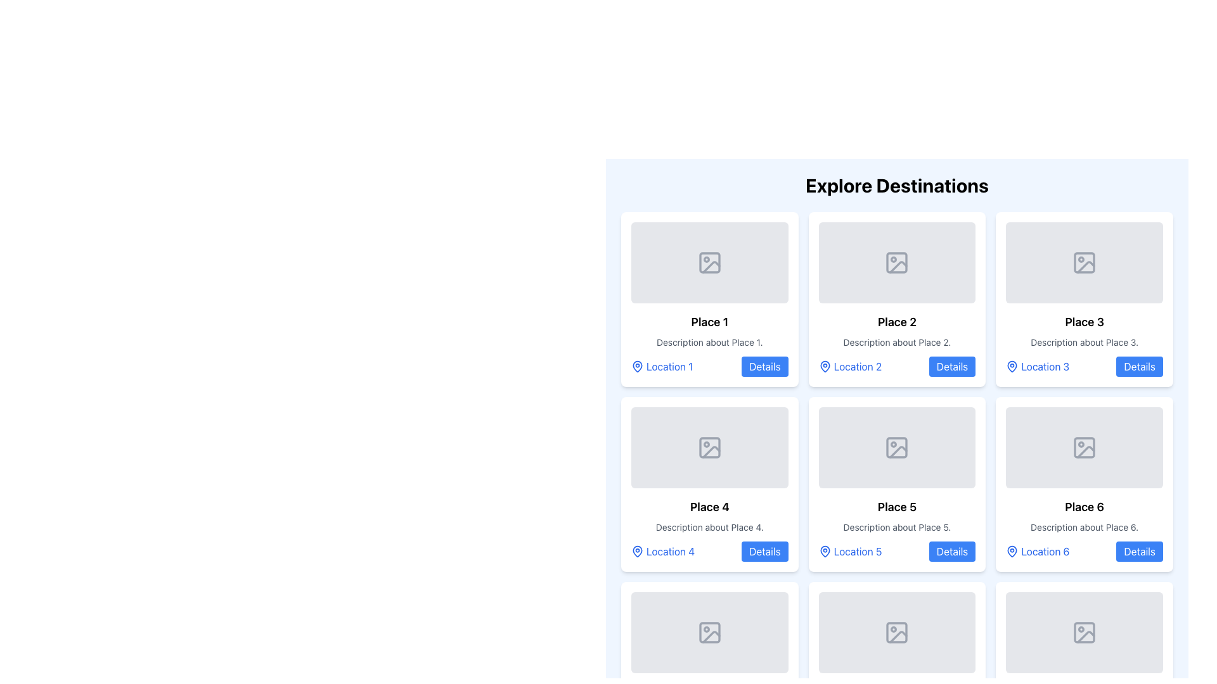 This screenshot has height=684, width=1217. Describe the element at coordinates (1084, 262) in the screenshot. I see `the image placeholder icon located in 'Place 3', the rightmost card in the first row of the displayed grid` at that location.